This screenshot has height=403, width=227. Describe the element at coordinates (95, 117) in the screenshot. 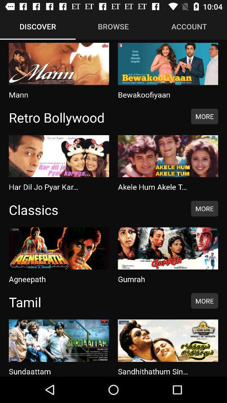

I see `the retro bollywood item` at that location.